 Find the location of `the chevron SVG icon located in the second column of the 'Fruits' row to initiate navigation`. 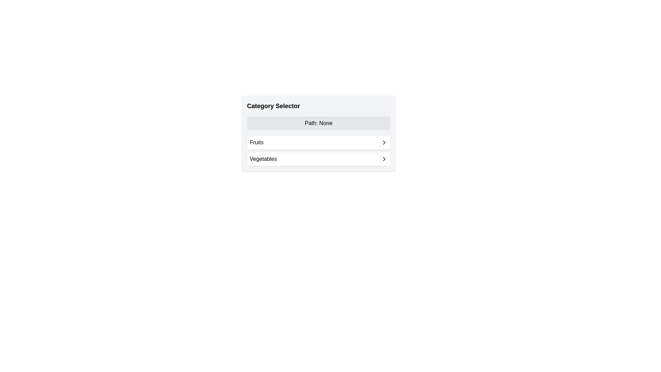

the chevron SVG icon located in the second column of the 'Fruits' row to initiate navigation is located at coordinates (384, 142).